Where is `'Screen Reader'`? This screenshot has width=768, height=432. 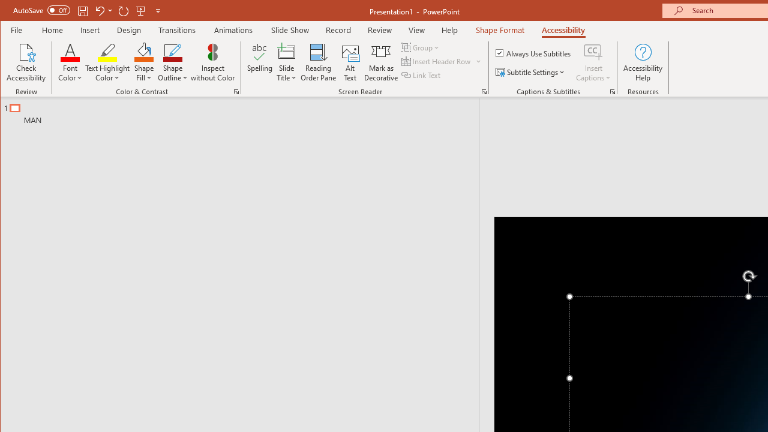 'Screen Reader' is located at coordinates (484, 91).